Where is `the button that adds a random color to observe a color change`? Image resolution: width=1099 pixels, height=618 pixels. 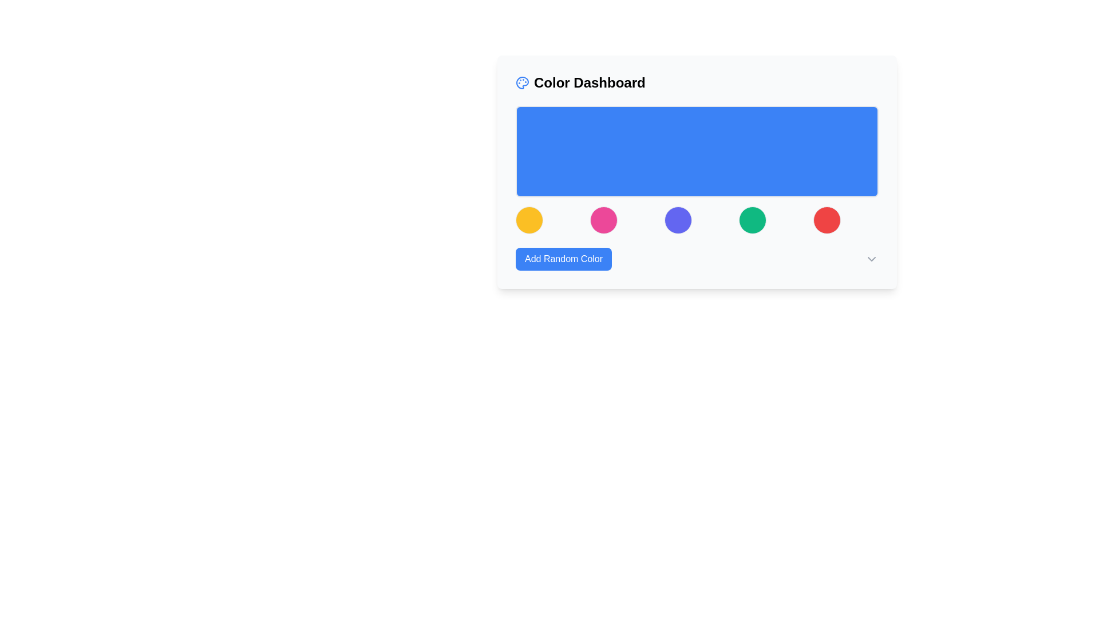
the button that adds a random color to observe a color change is located at coordinates (563, 259).